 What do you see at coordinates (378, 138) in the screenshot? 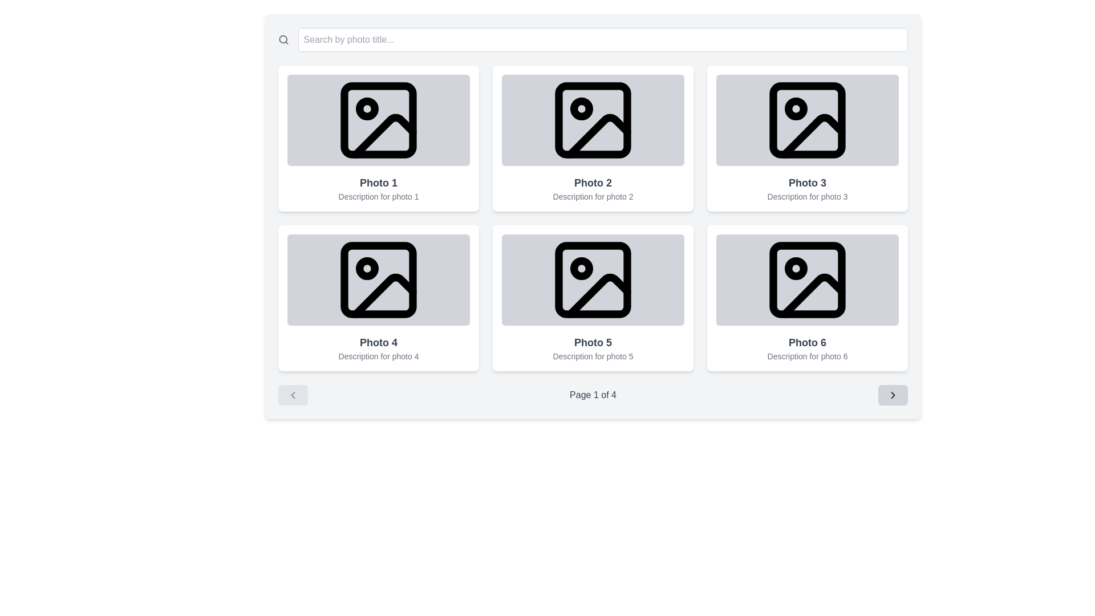
I see `the card containing an image and text descriptions, which features 'Photo 1' in bold and 'Description for photo 1'` at bounding box center [378, 138].